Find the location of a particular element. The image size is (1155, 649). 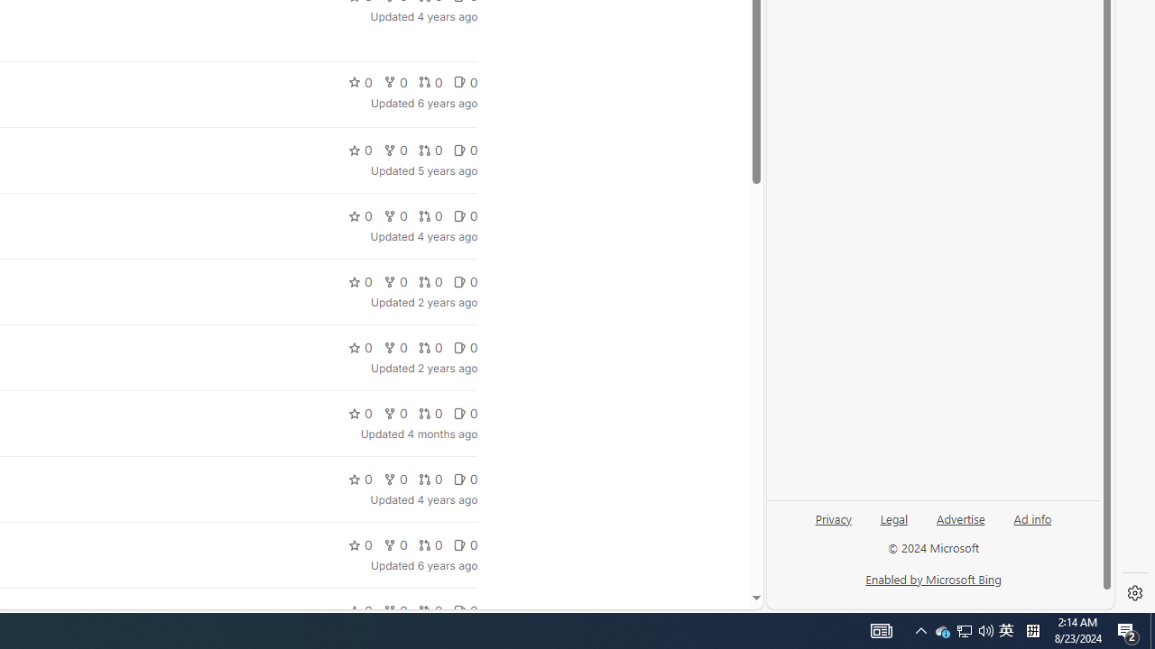

'Privacy' is located at coordinates (832, 526).